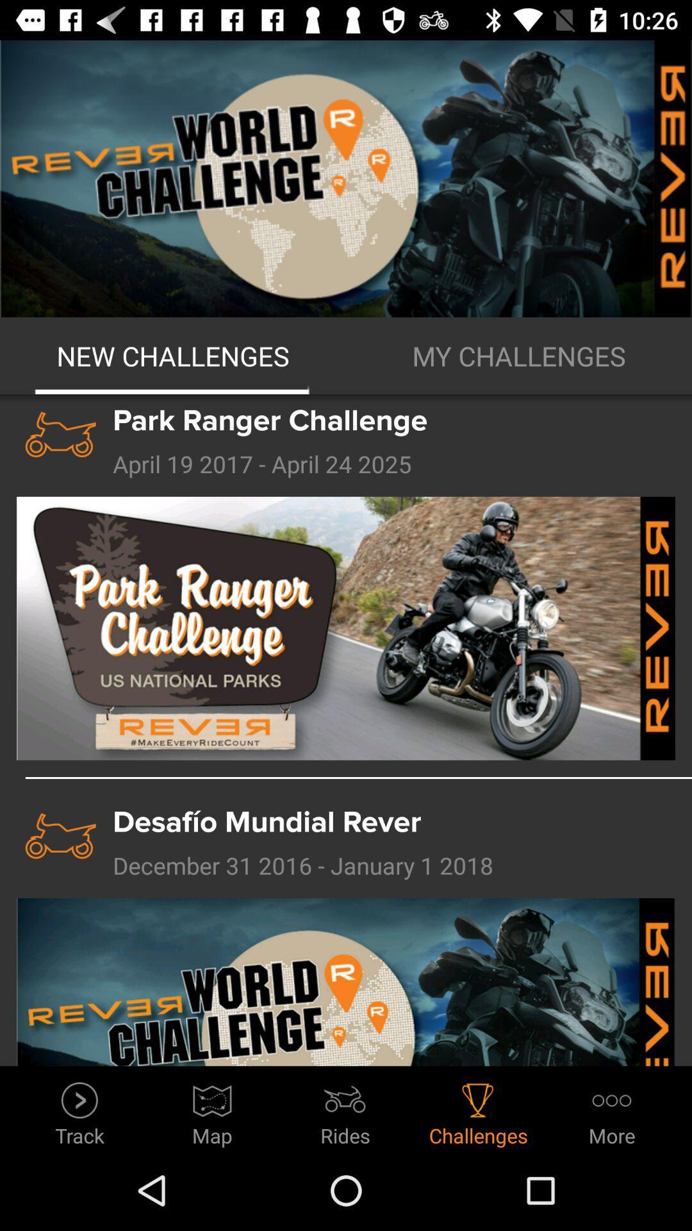 Image resolution: width=692 pixels, height=1231 pixels. Describe the element at coordinates (519, 356) in the screenshot. I see `the my challenges` at that location.